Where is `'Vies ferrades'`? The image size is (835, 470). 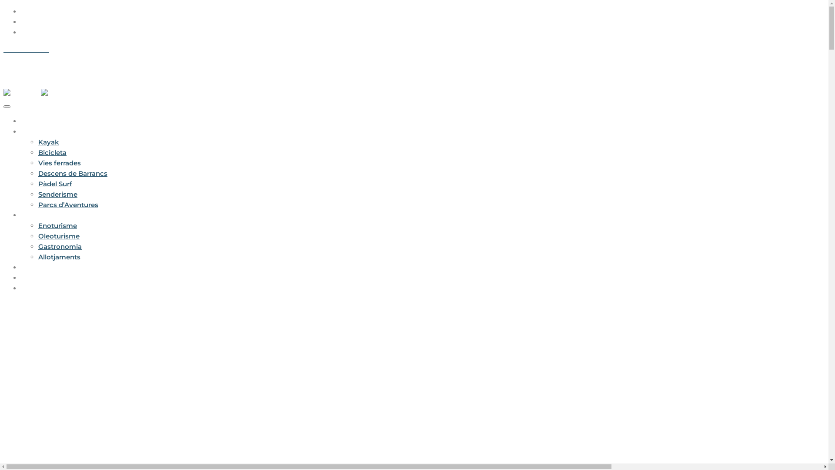
'Vies ferrades' is located at coordinates (59, 163).